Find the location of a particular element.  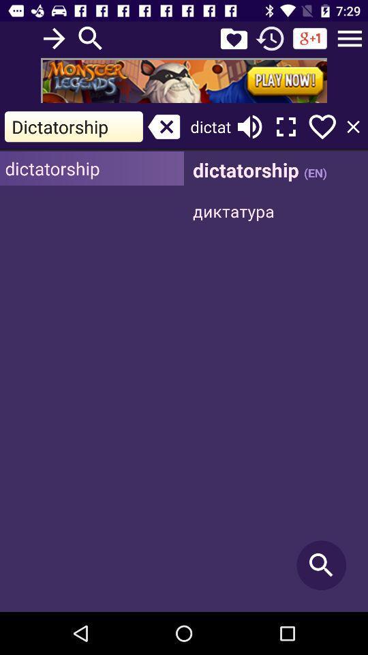

foward is located at coordinates (53, 38).